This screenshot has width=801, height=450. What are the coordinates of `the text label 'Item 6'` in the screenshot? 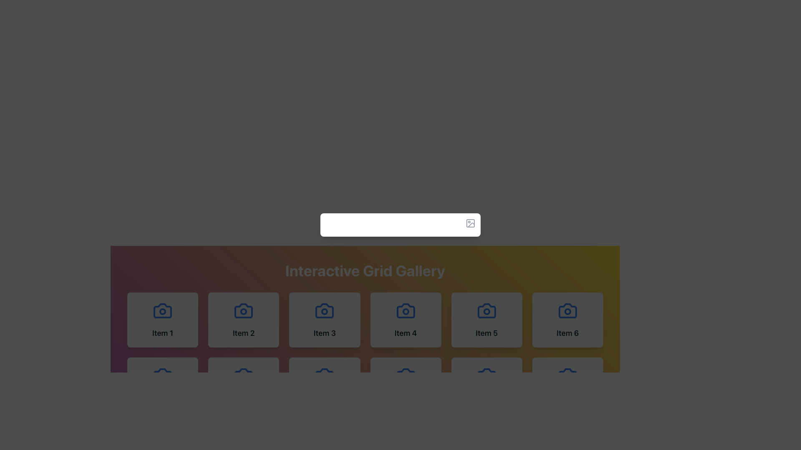 It's located at (567, 332).